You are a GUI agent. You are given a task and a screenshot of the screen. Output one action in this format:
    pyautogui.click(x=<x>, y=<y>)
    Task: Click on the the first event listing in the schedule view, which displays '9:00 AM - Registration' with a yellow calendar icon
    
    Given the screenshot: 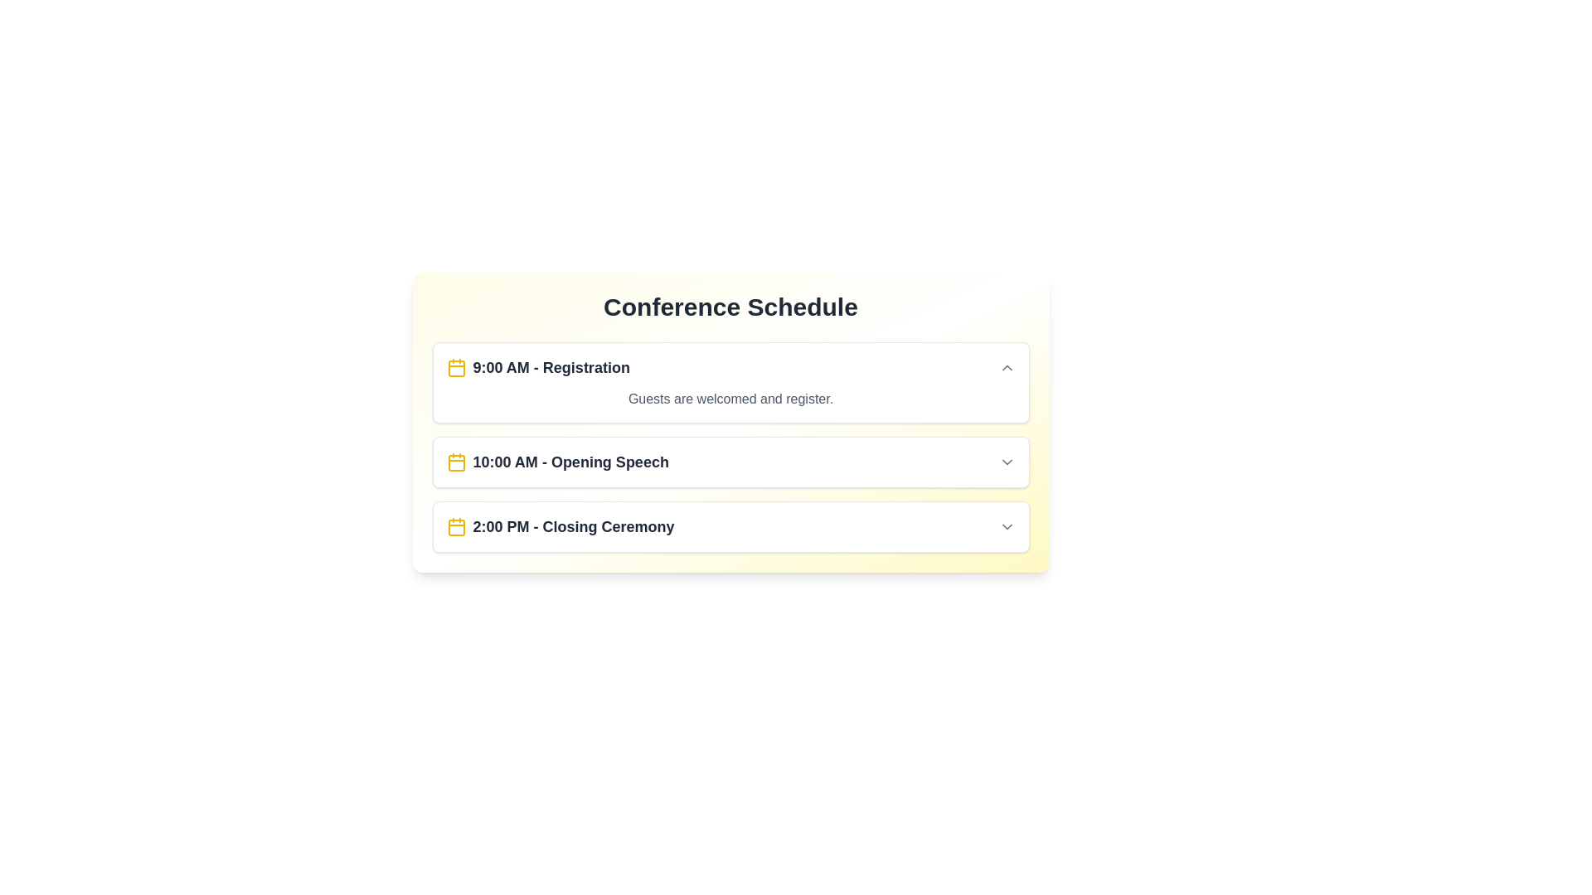 What is the action you would take?
    pyautogui.click(x=538, y=366)
    